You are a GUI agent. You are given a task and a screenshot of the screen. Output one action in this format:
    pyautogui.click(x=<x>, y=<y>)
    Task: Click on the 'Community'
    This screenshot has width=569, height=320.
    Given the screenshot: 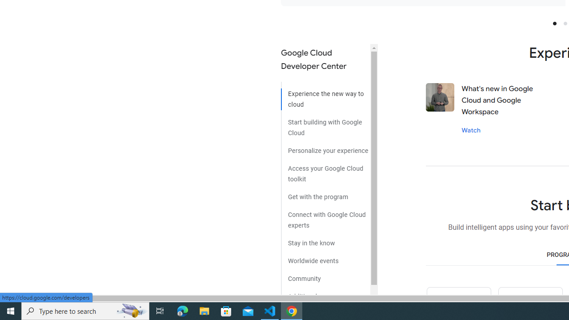 What is the action you would take?
    pyautogui.click(x=325, y=275)
    